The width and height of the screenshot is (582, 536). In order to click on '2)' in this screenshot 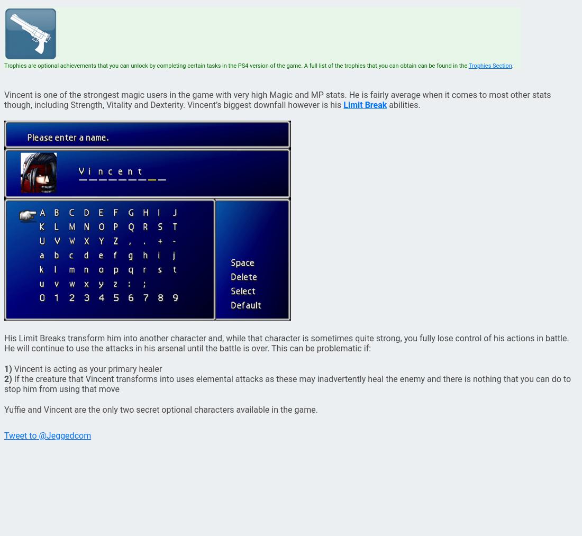, I will do `click(4, 379)`.